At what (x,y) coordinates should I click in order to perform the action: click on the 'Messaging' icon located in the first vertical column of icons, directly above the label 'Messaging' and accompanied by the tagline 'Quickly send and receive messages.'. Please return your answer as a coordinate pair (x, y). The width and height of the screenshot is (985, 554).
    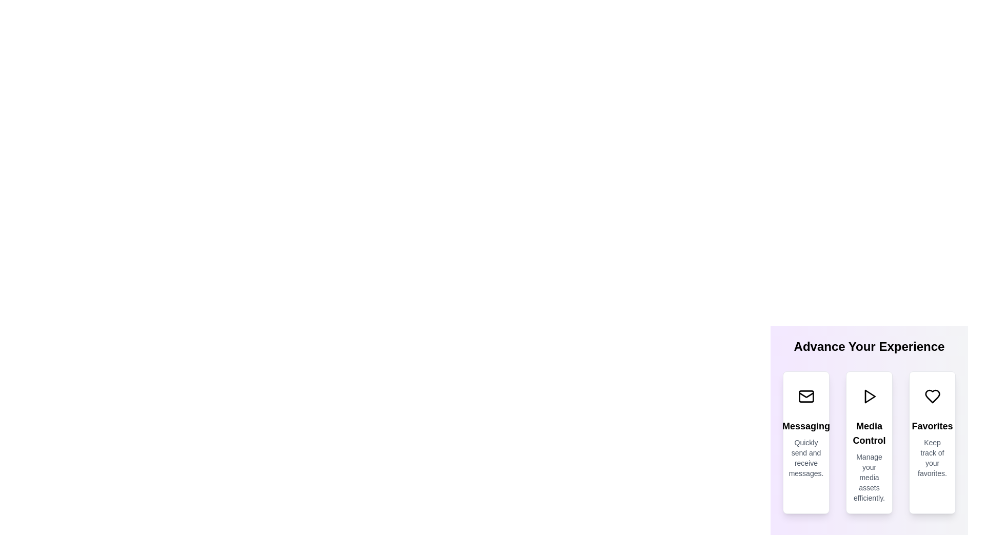
    Looking at the image, I should click on (805, 395).